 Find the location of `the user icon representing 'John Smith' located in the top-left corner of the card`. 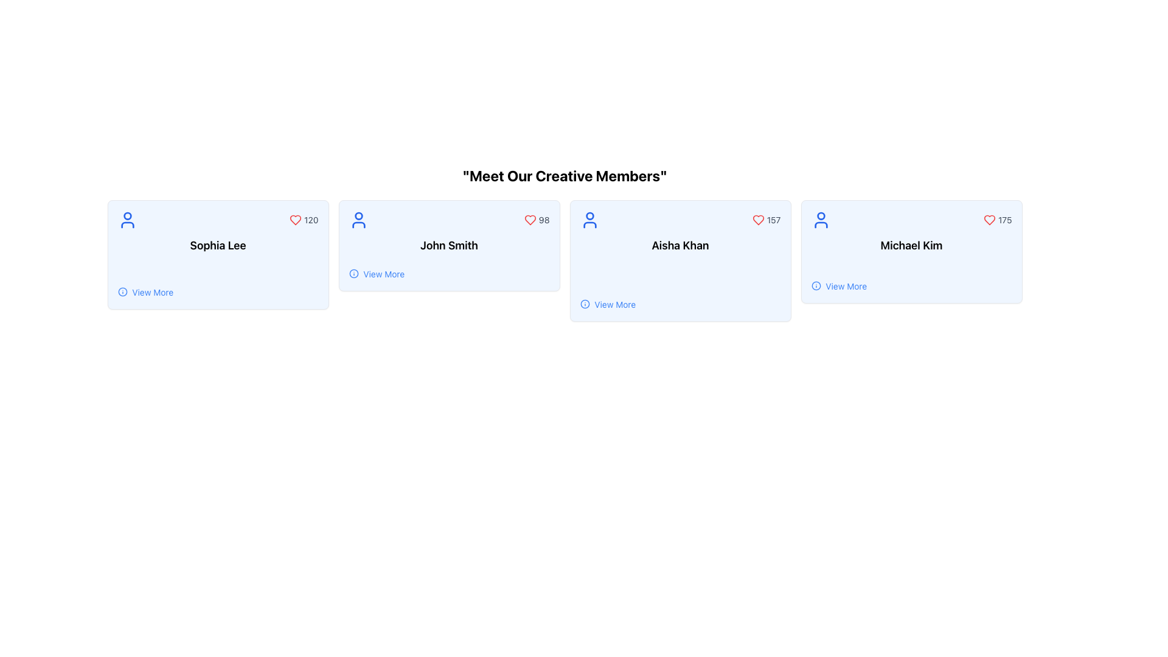

the user icon representing 'John Smith' located in the top-left corner of the card is located at coordinates (358, 220).